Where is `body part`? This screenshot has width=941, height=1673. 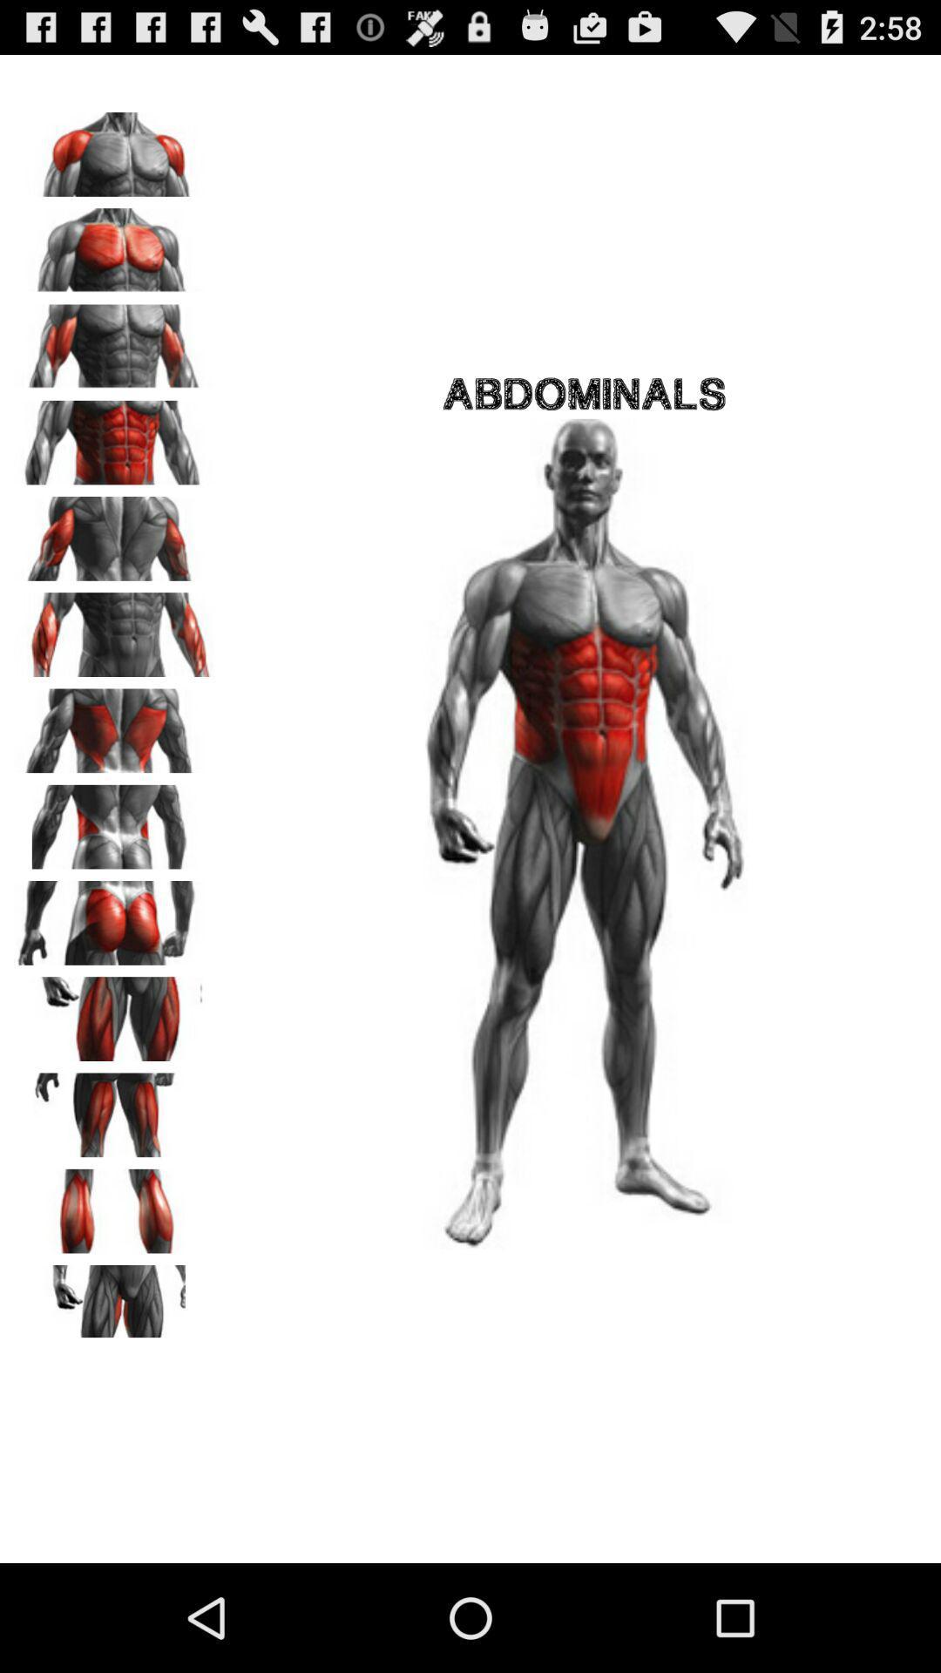 body part is located at coordinates (114, 820).